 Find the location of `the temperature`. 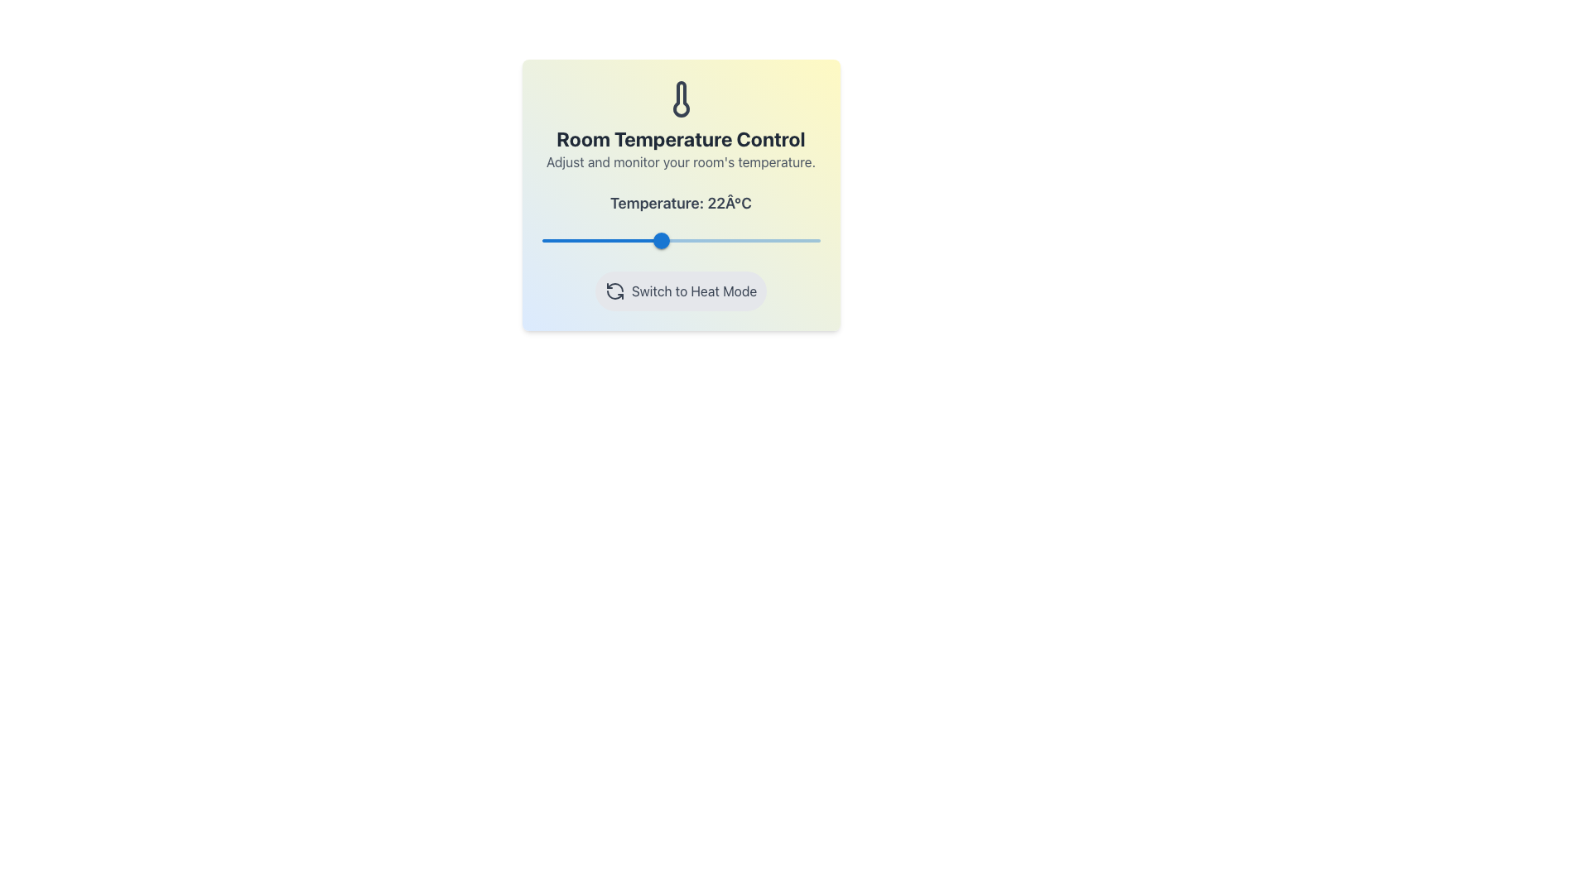

the temperature is located at coordinates (653, 240).